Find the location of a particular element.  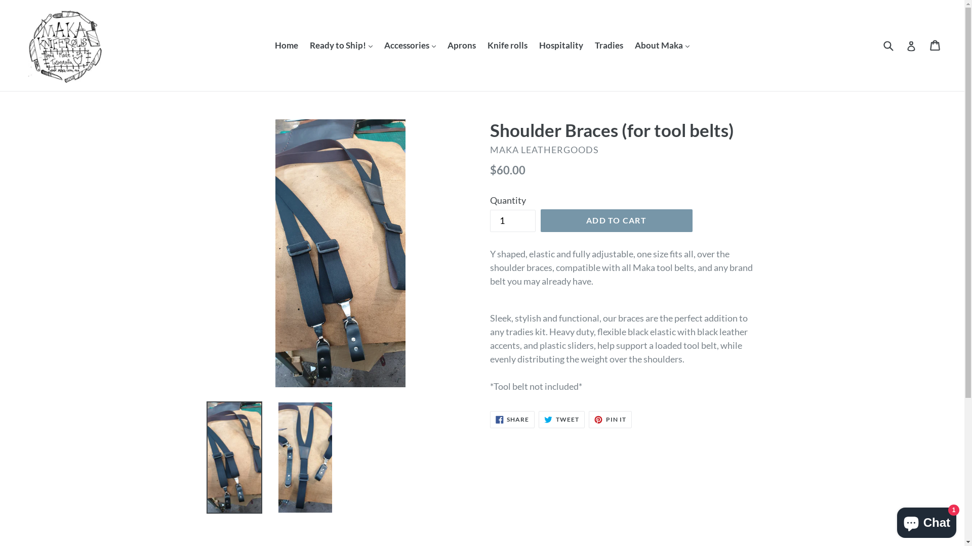

'Home' is located at coordinates (286, 44).